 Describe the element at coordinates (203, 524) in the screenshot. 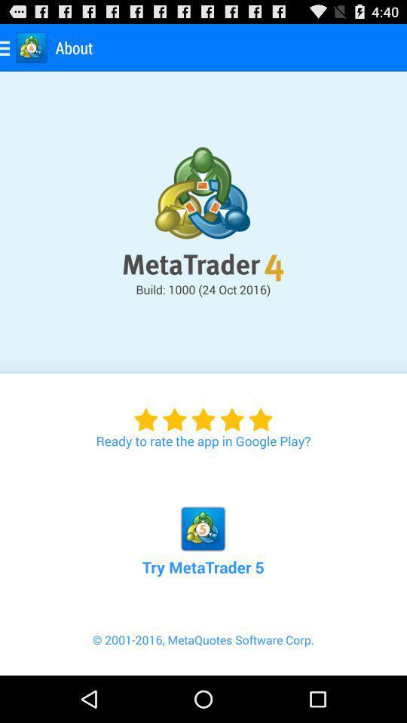

I see `item below the ready to rate item` at that location.